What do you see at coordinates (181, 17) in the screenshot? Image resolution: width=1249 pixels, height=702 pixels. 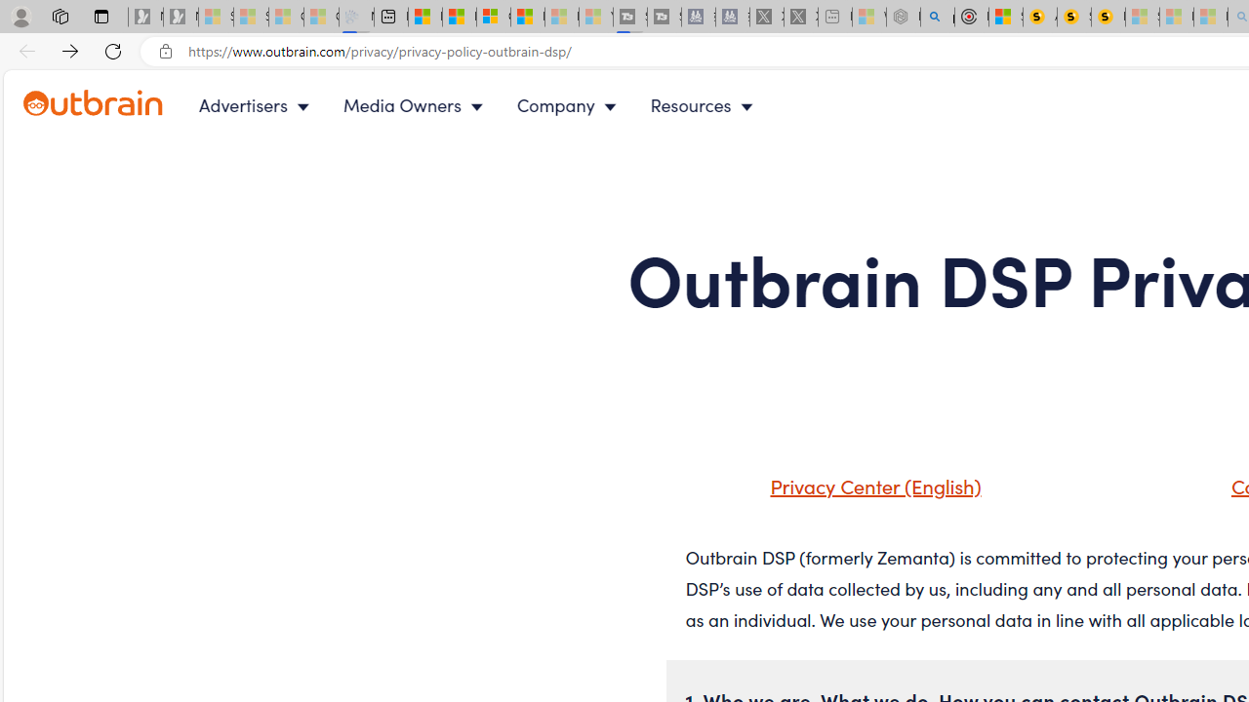 I see `'Newsletter Sign Up - Sleeping'` at bounding box center [181, 17].